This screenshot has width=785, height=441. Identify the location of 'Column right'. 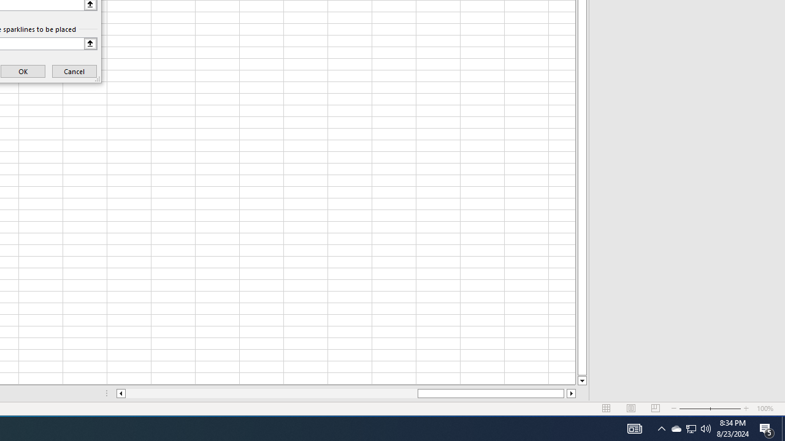
(571, 393).